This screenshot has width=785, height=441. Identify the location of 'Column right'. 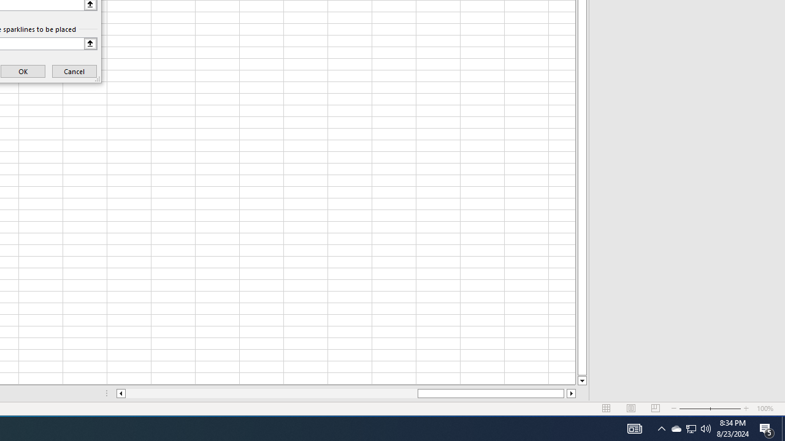
(571, 393).